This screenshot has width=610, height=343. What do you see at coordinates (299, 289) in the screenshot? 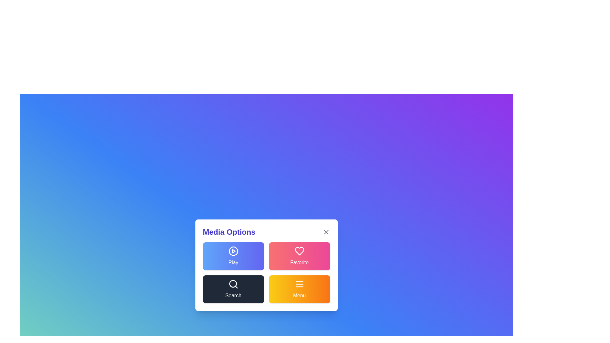
I see `the button located in the bottom-right corner of the interface, directly below the 'Favorite' button and to the right of the 'Search' button` at bounding box center [299, 289].